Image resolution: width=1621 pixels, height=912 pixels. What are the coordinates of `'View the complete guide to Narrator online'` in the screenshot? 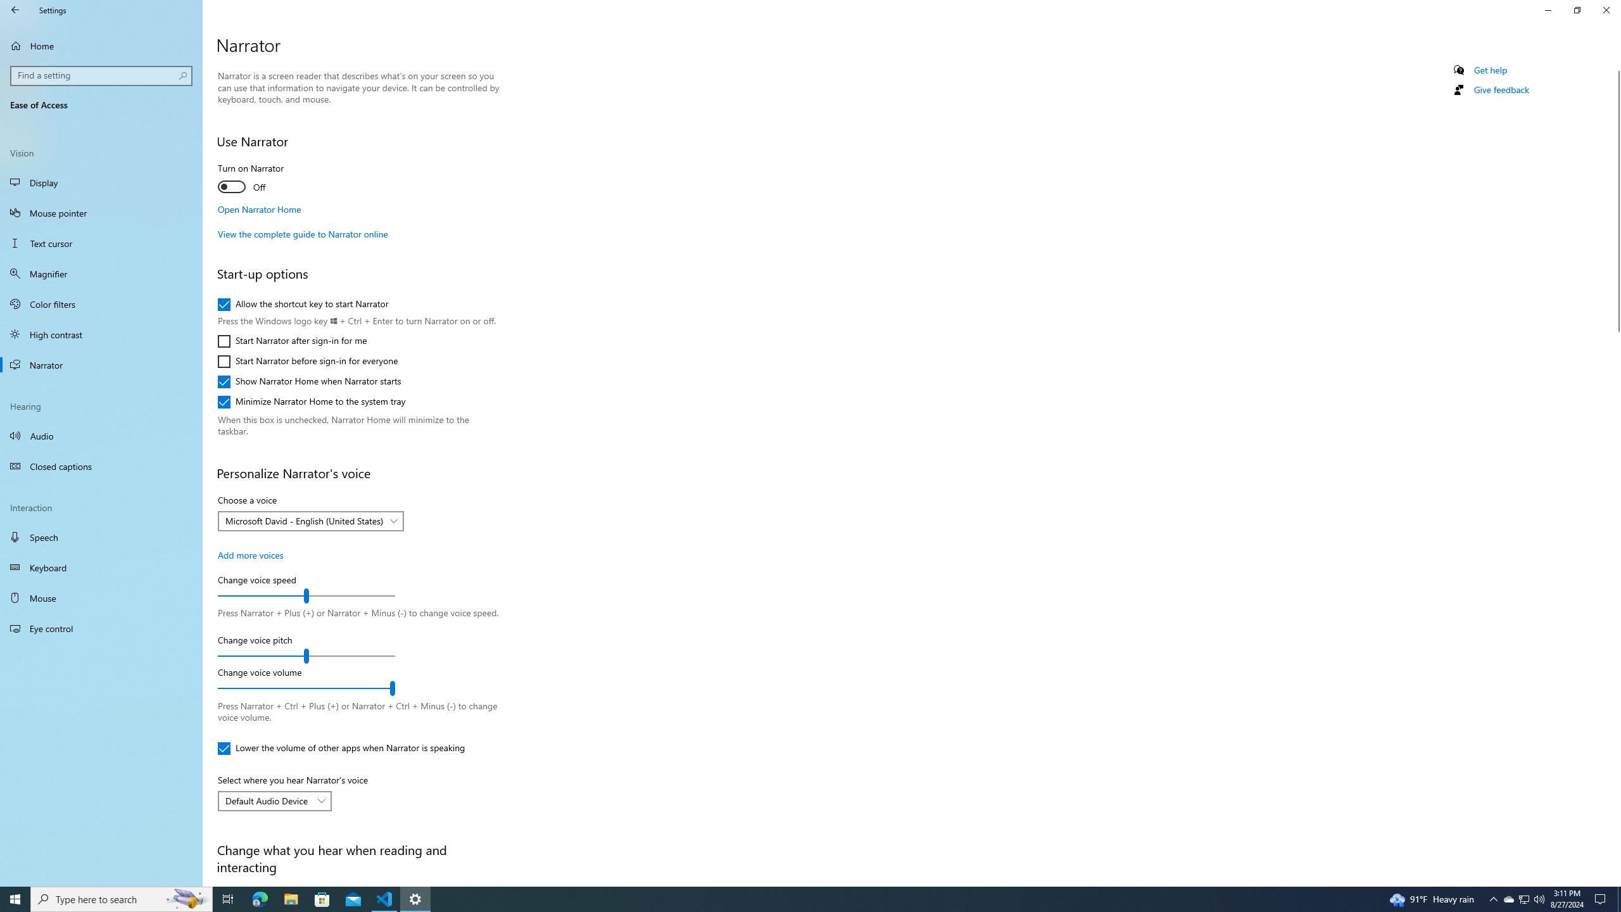 It's located at (301, 233).